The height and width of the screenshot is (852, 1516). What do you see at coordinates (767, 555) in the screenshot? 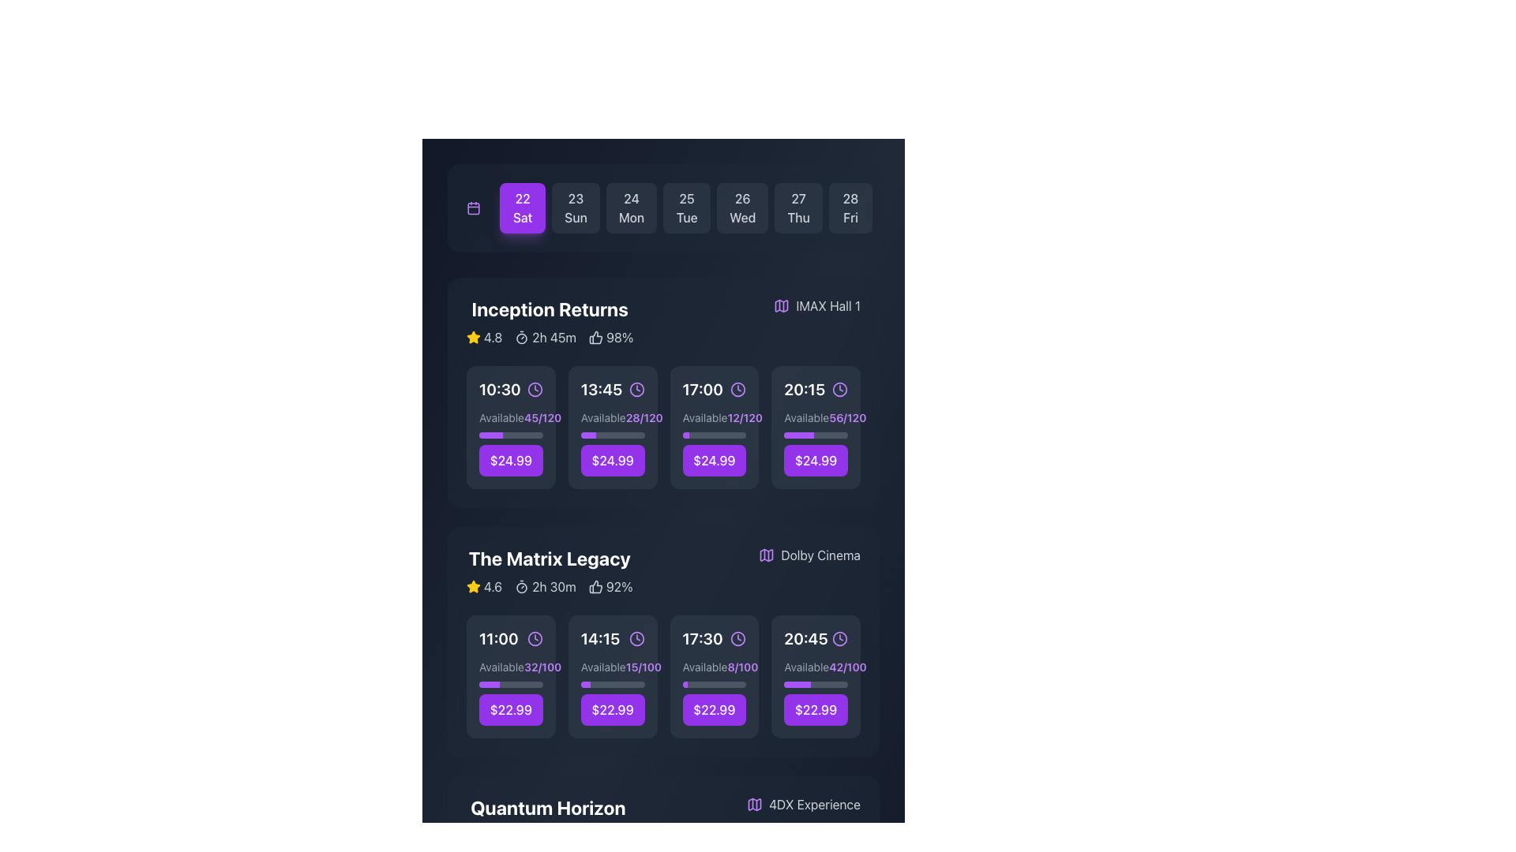
I see `the decorative icon next to the 'Dolby Cinema' text, which enhances its visual appeal within the context of 'The Matrix Legacy'` at bounding box center [767, 555].